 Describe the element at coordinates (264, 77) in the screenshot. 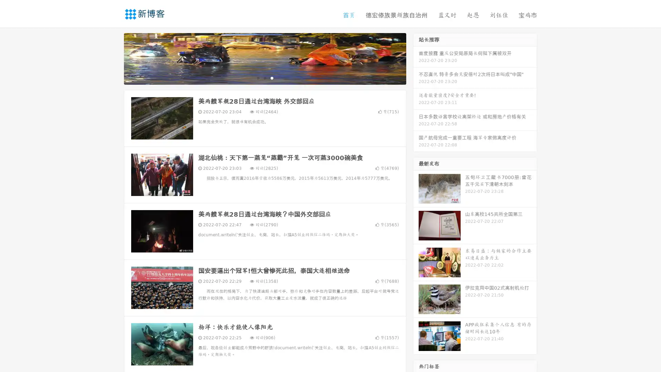

I see `Go to slide 2` at that location.